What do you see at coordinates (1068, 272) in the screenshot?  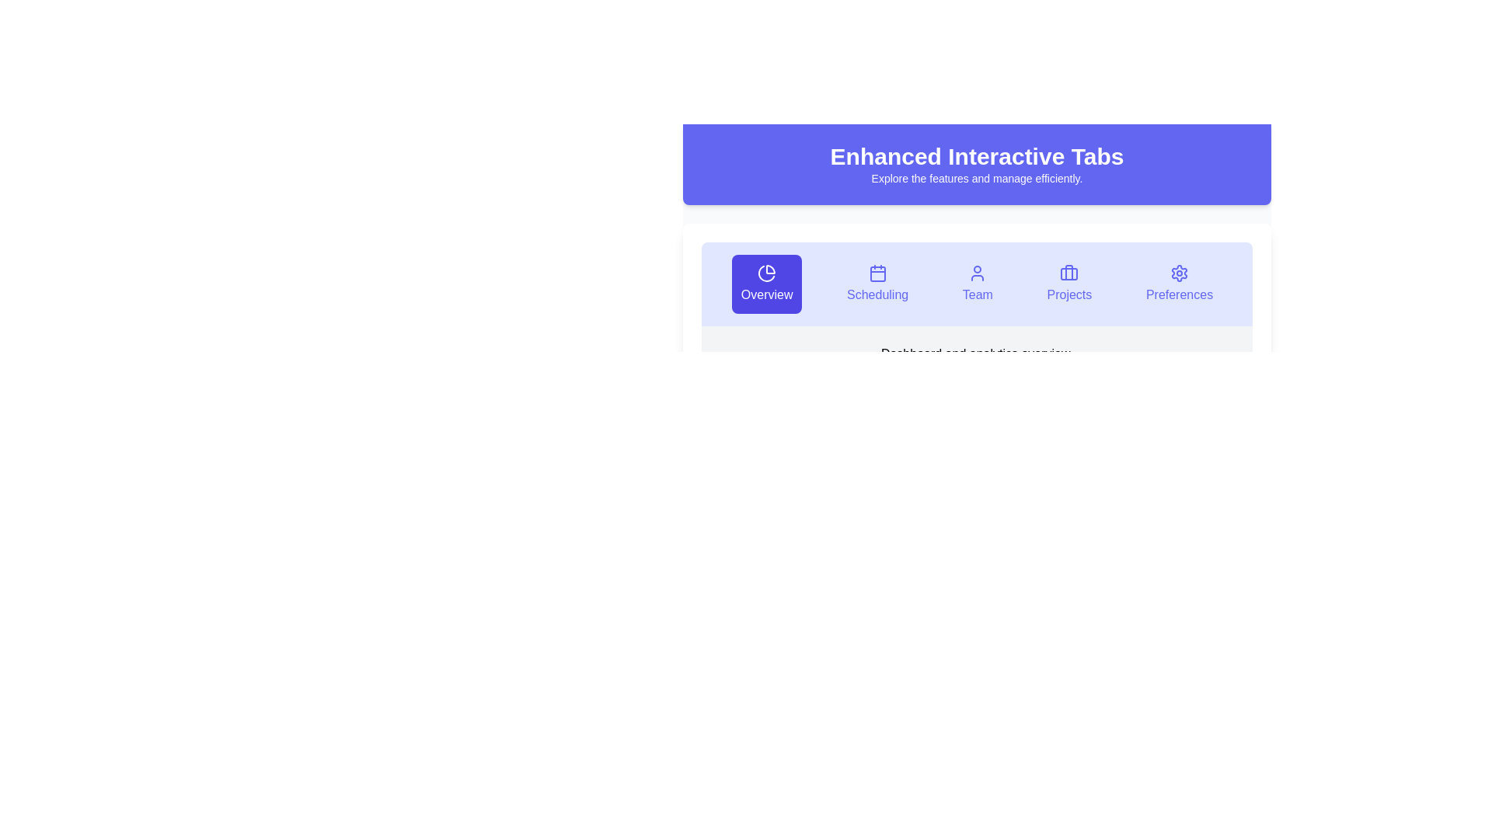 I see `the 'Projects' icon located in the navigation bar, which is the fourth button from the left` at bounding box center [1068, 272].